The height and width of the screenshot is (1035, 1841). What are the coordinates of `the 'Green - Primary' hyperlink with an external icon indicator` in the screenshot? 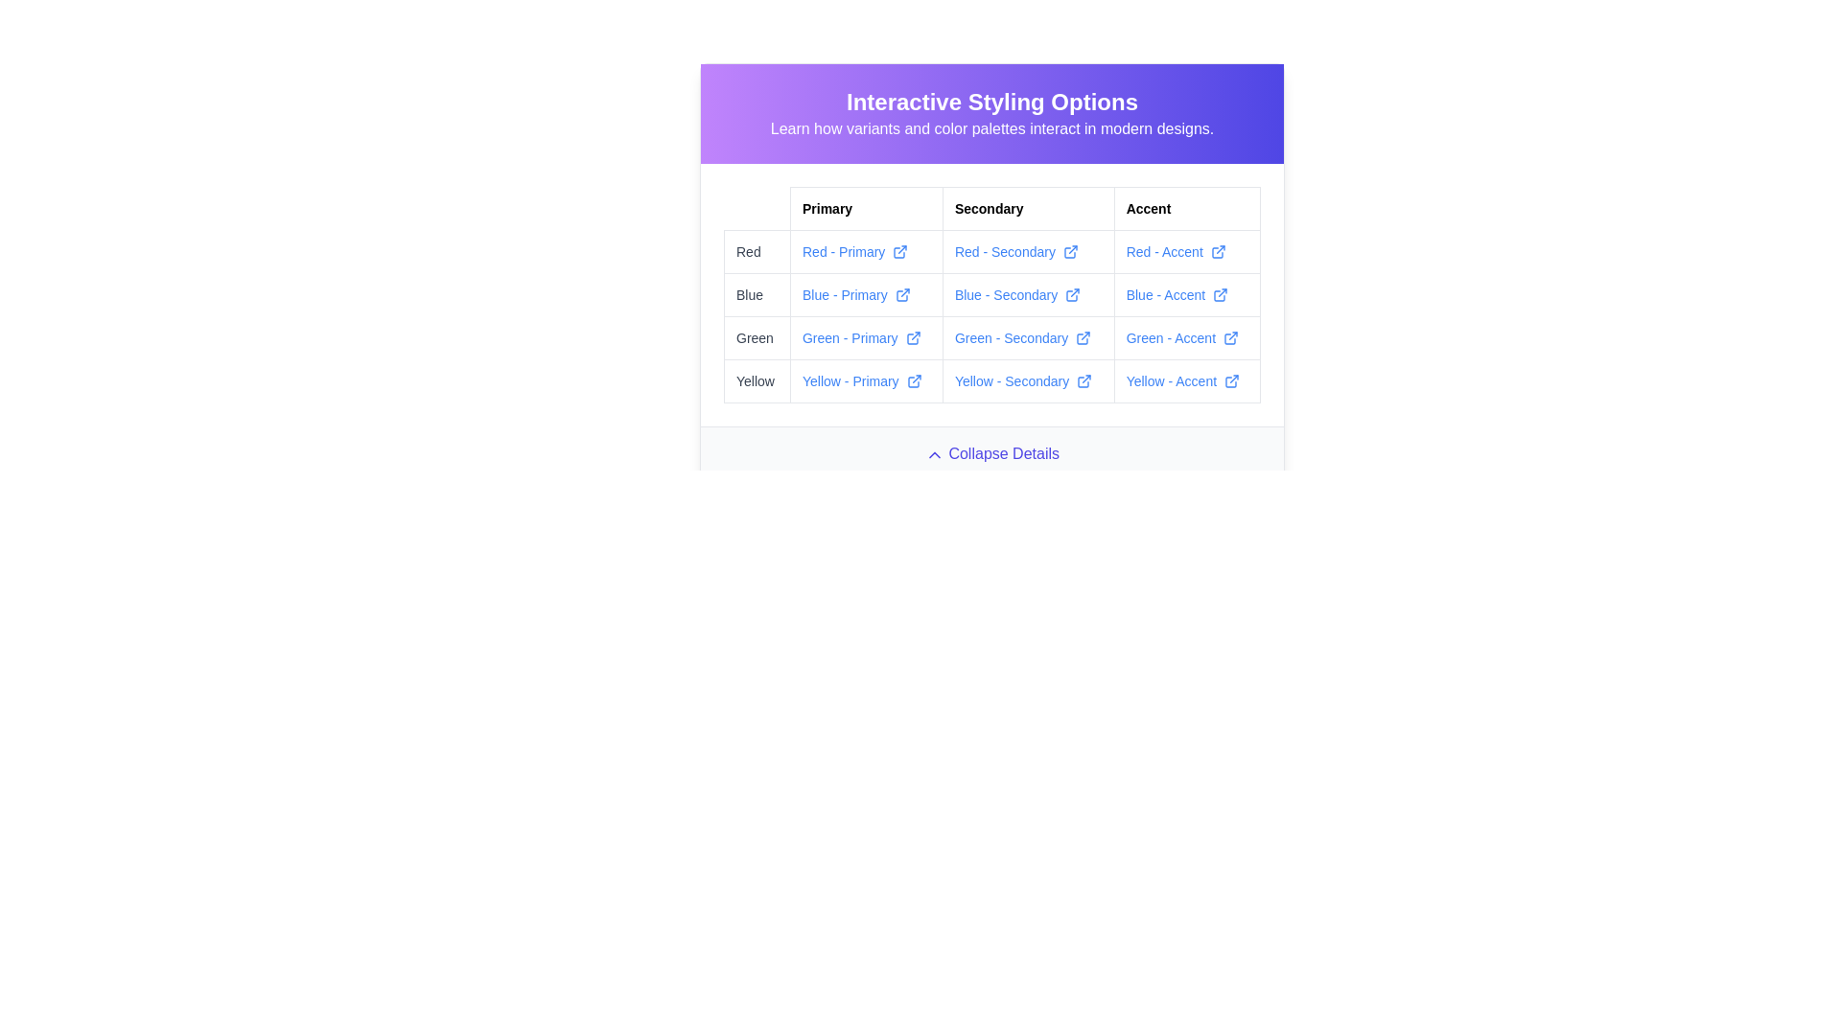 It's located at (860, 337).